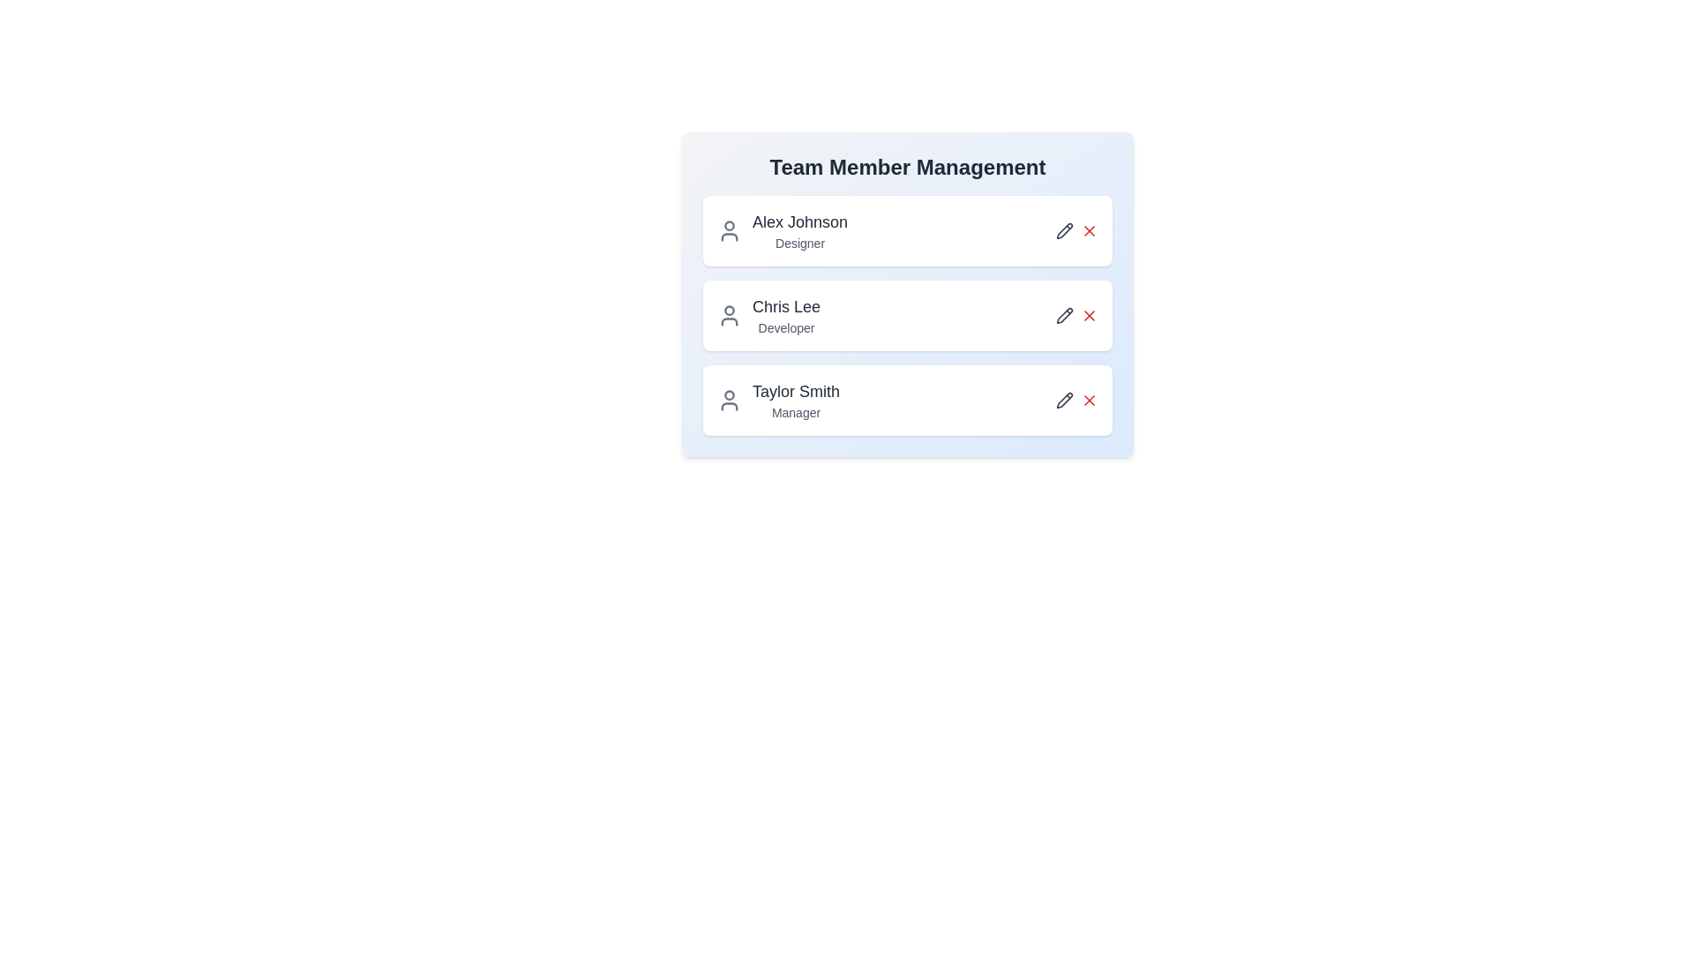 The width and height of the screenshot is (1694, 953). What do you see at coordinates (1088, 230) in the screenshot?
I see `red X button for the member Alex Johnson` at bounding box center [1088, 230].